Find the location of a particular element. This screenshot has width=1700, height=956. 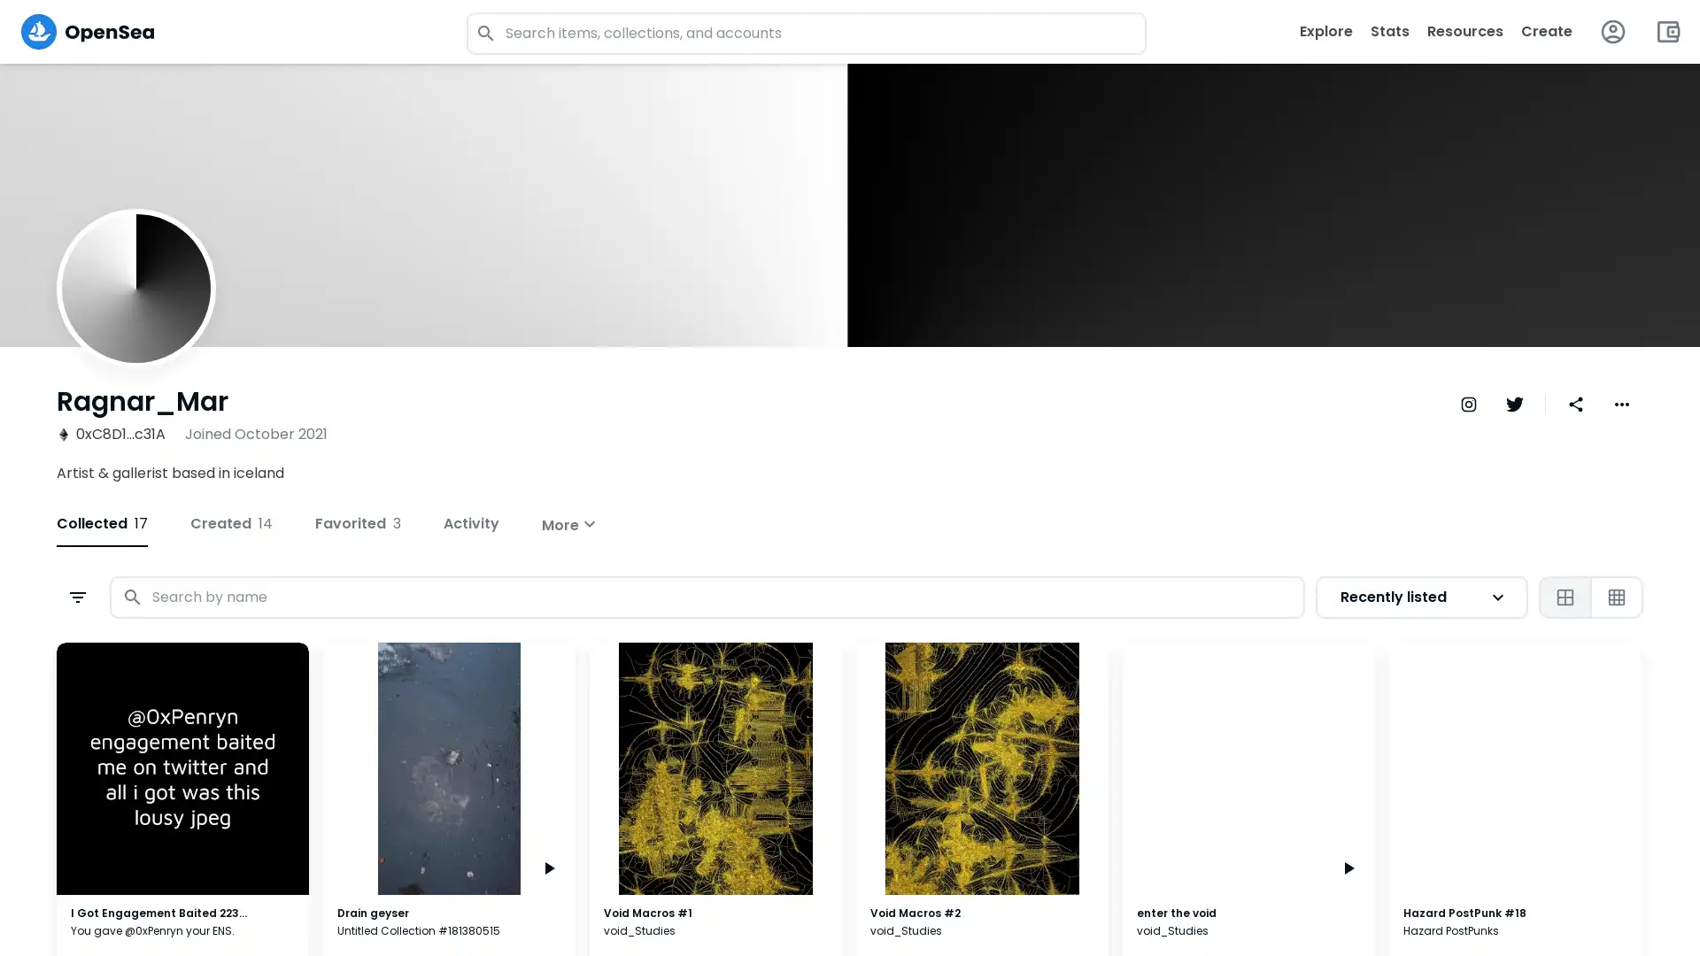

Status is located at coordinates (65, 661).